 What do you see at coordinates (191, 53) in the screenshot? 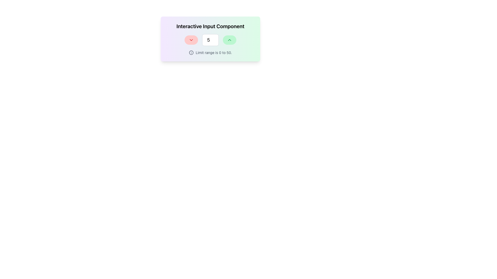
I see `the circular part of the SVG graphic that is part of a structured information icon, used to denote a warning or message` at bounding box center [191, 53].